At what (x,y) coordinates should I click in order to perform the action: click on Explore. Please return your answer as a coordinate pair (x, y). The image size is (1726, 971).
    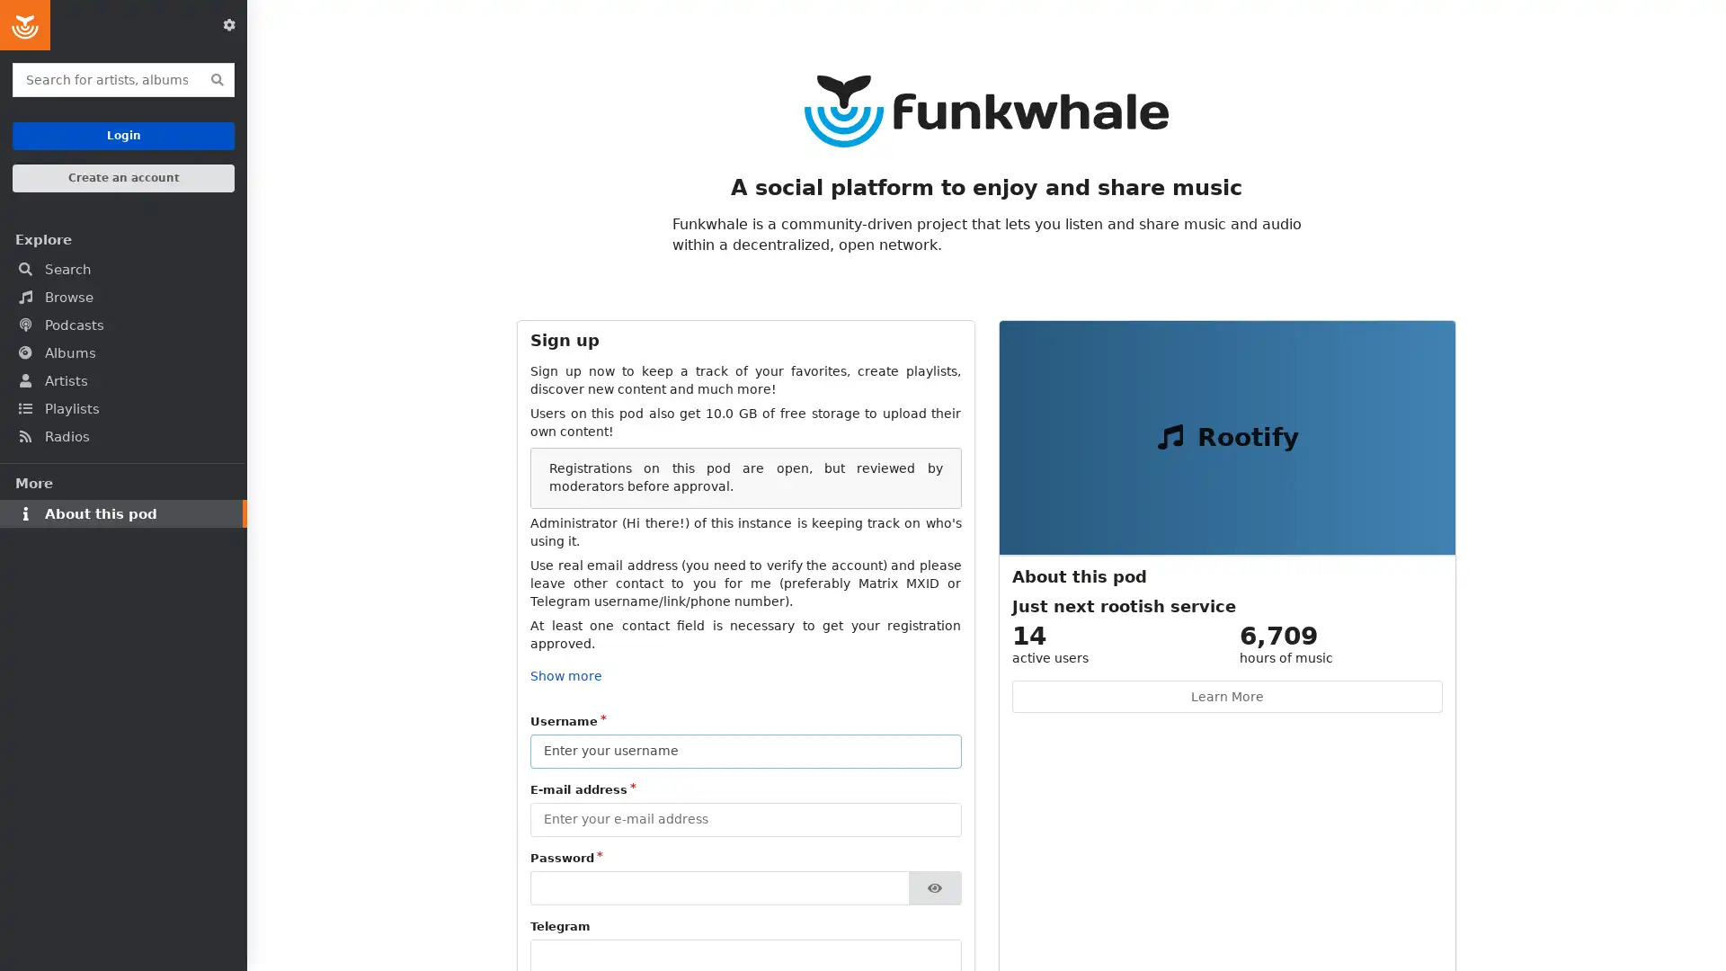
    Looking at the image, I should click on (122, 238).